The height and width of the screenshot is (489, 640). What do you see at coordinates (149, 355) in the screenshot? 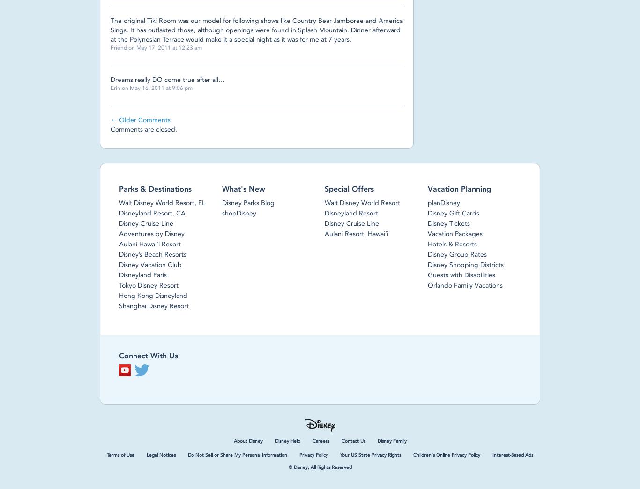
I see `'Connect With Us'` at bounding box center [149, 355].